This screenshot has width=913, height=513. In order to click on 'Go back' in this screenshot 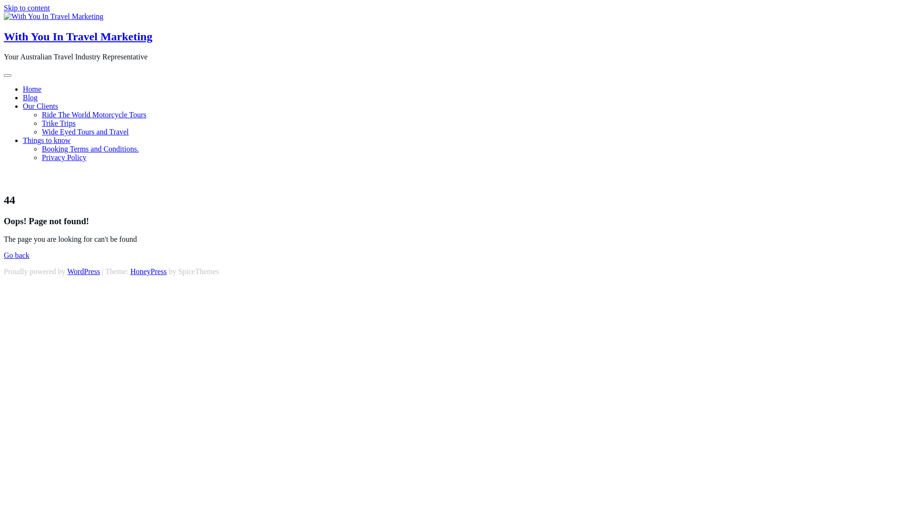, I will do `click(16, 255)`.